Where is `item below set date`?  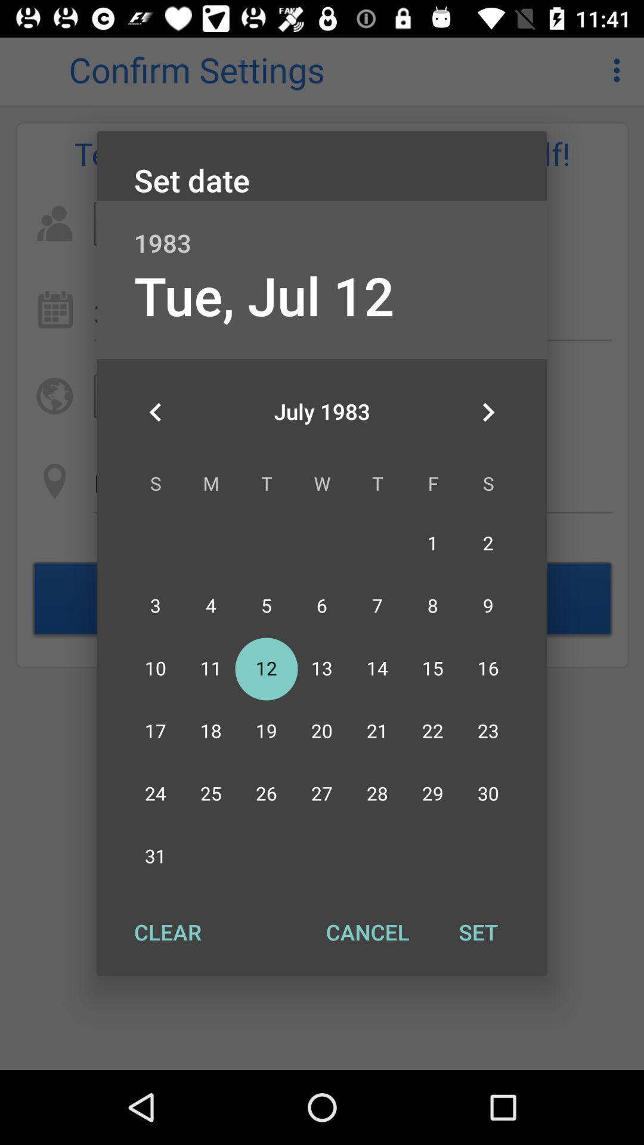 item below set date is located at coordinates (322, 230).